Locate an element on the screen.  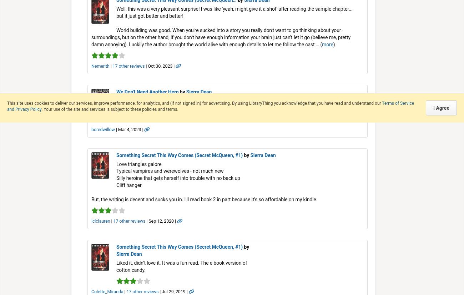
'Colette_Miranda' is located at coordinates (91, 291).